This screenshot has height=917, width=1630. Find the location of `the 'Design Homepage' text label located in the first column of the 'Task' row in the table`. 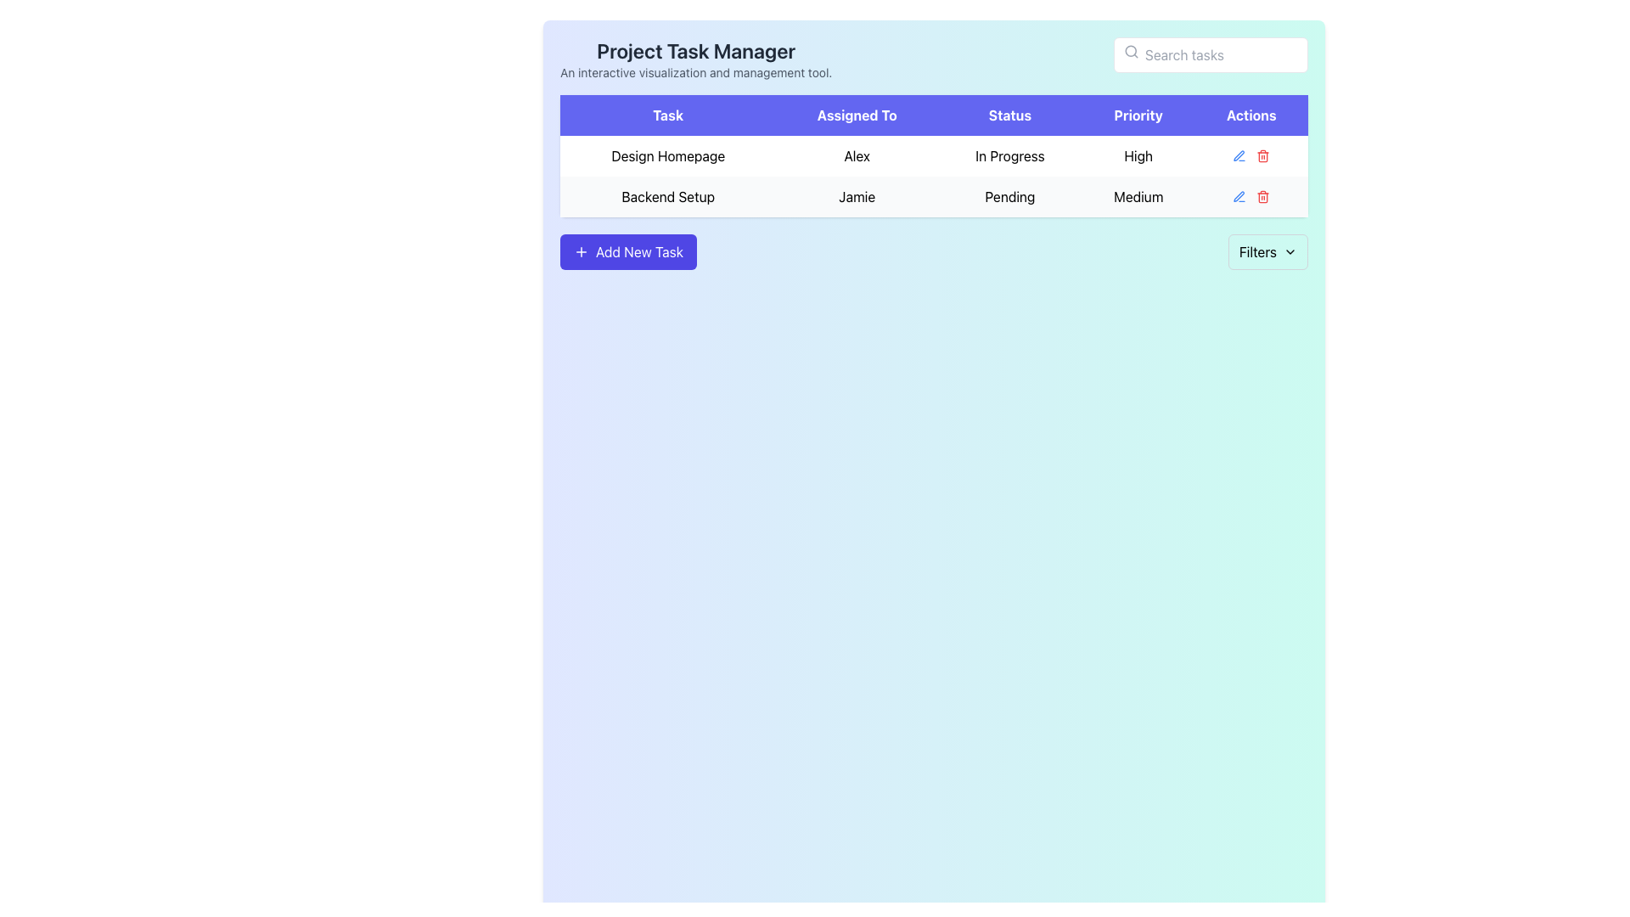

the 'Design Homepage' text label located in the first column of the 'Task' row in the table is located at coordinates (667, 156).